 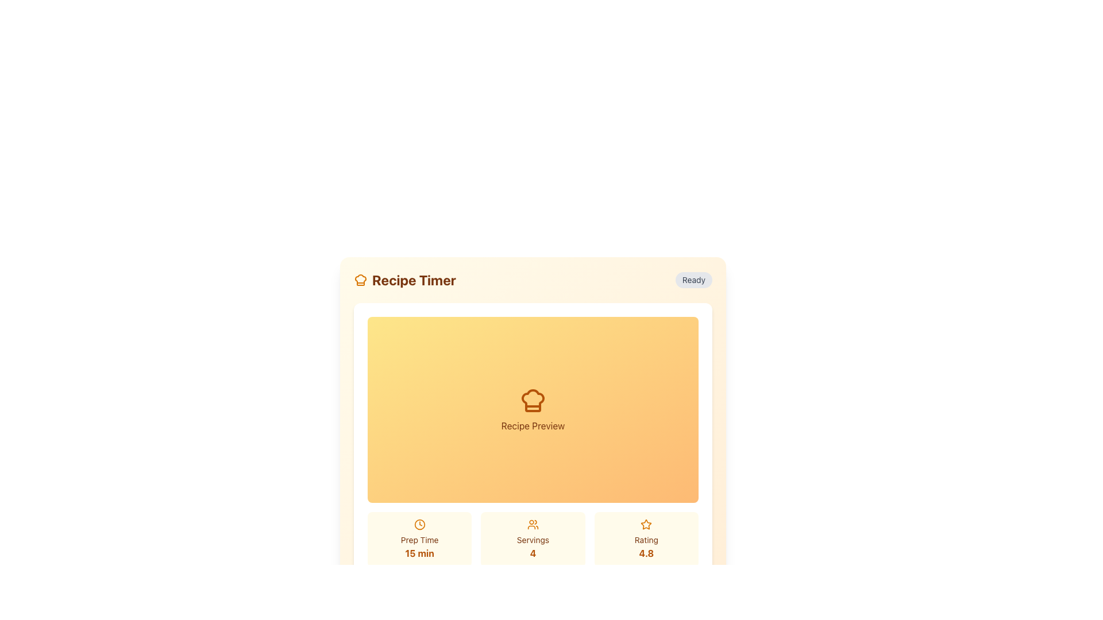 What do you see at coordinates (646, 524) in the screenshot?
I see `the distinctive amber star icon located within the 'Rating 4.8' card at the bottom right of the window` at bounding box center [646, 524].